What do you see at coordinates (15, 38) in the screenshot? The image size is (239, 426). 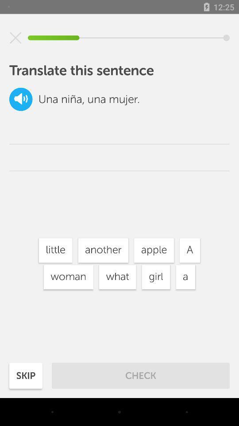 I see `stop playback` at bounding box center [15, 38].